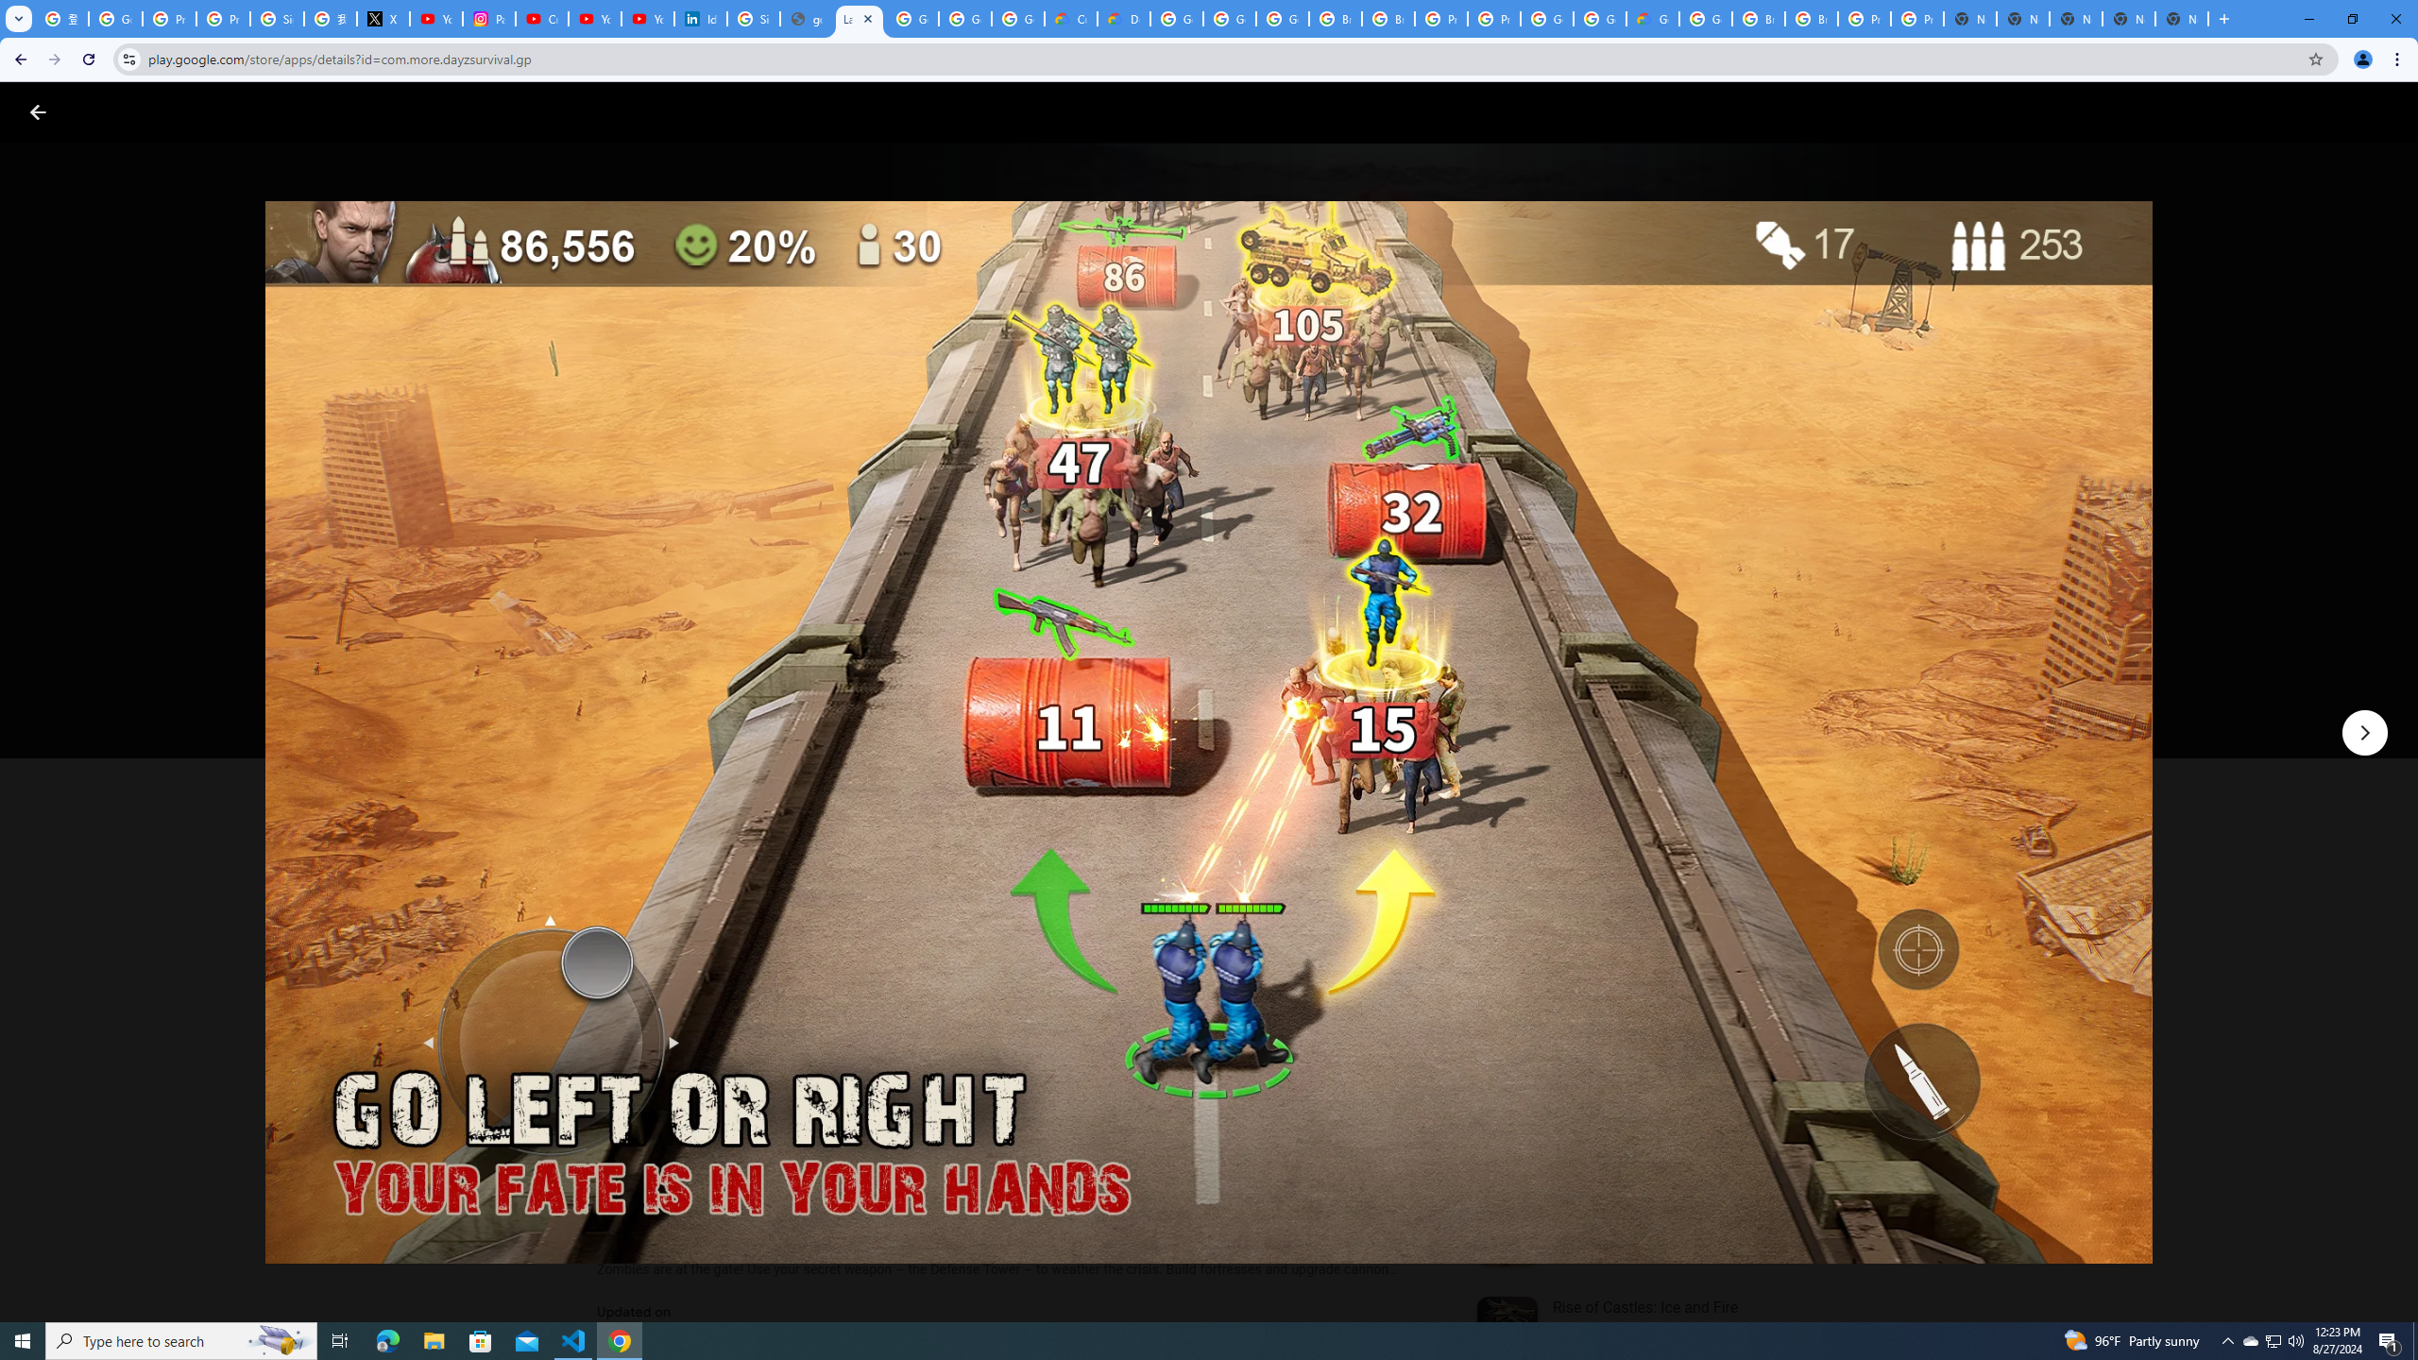  I want to click on 'Google Cloud Platform', so click(1705, 18).